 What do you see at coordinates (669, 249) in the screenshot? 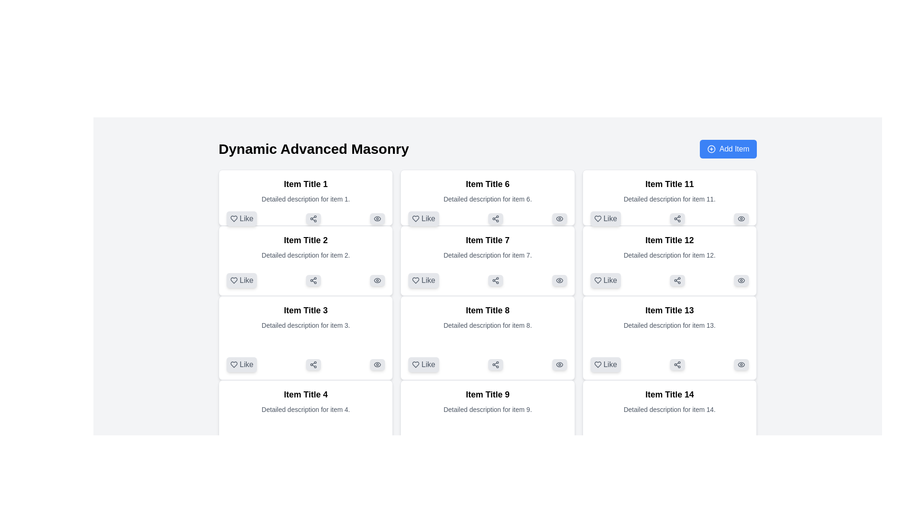
I see `the text block containing the title 'Item Title 12' and the description 'Detailed description for item 12' in the grid layout of 'Dynamic Advanced Masonry'` at bounding box center [669, 249].